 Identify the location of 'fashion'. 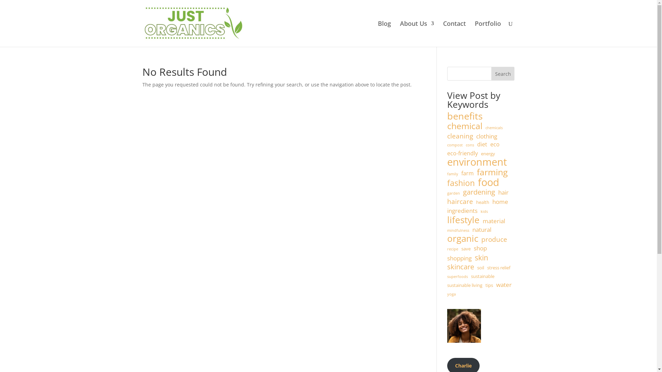
(461, 183).